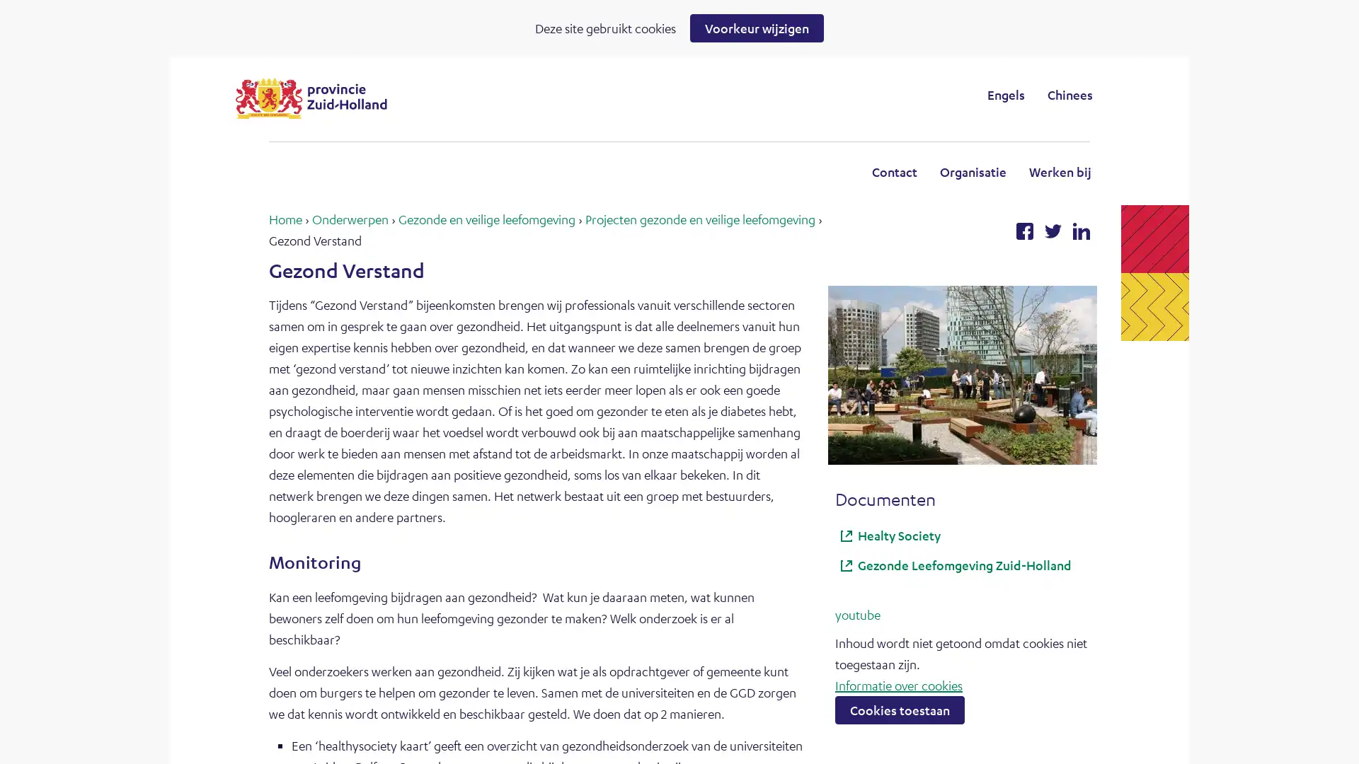 The image size is (1359, 764). I want to click on Zoeken, so click(796, 94).